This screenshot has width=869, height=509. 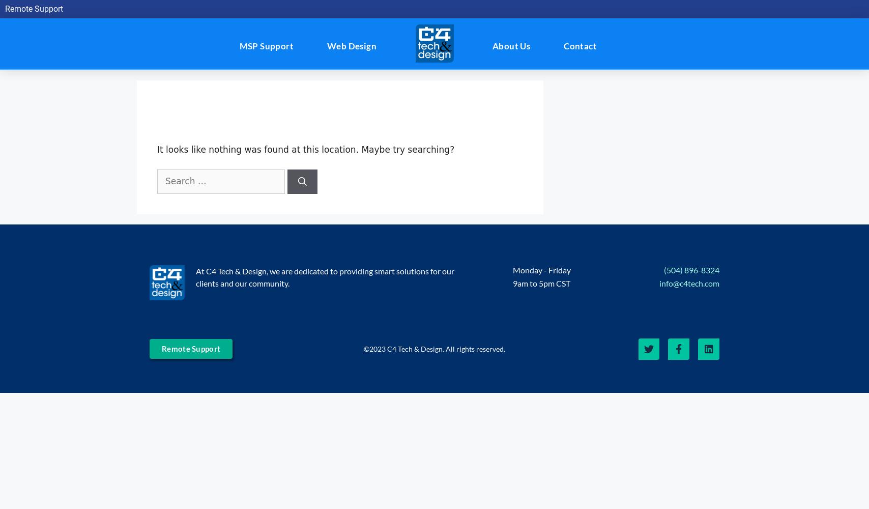 What do you see at coordinates (691, 269) in the screenshot?
I see `'(504) 896-8324'` at bounding box center [691, 269].